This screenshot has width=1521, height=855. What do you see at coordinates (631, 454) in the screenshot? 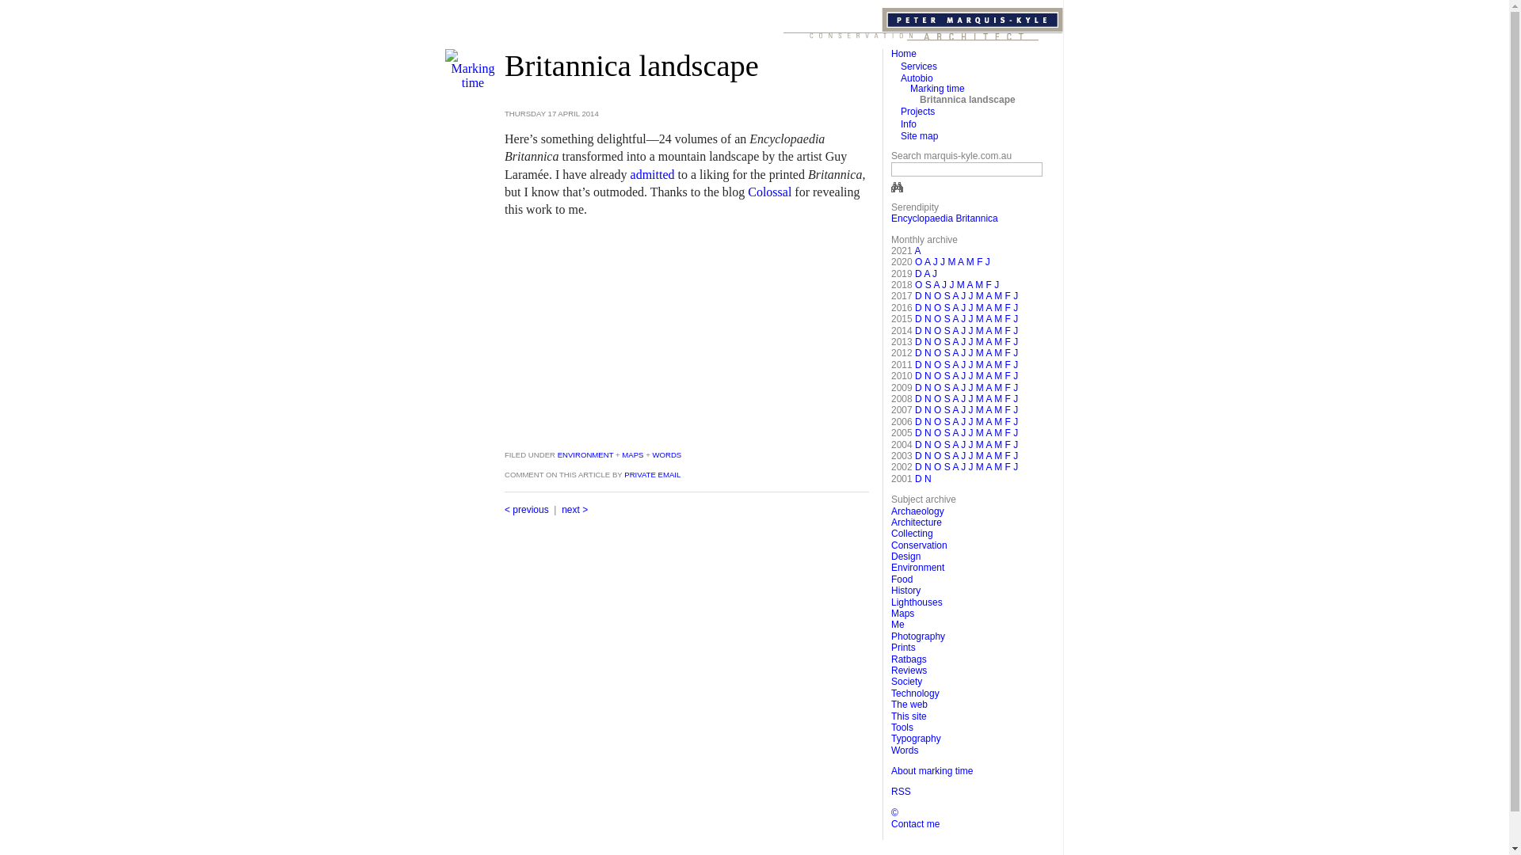
I see `'MAPS'` at bounding box center [631, 454].